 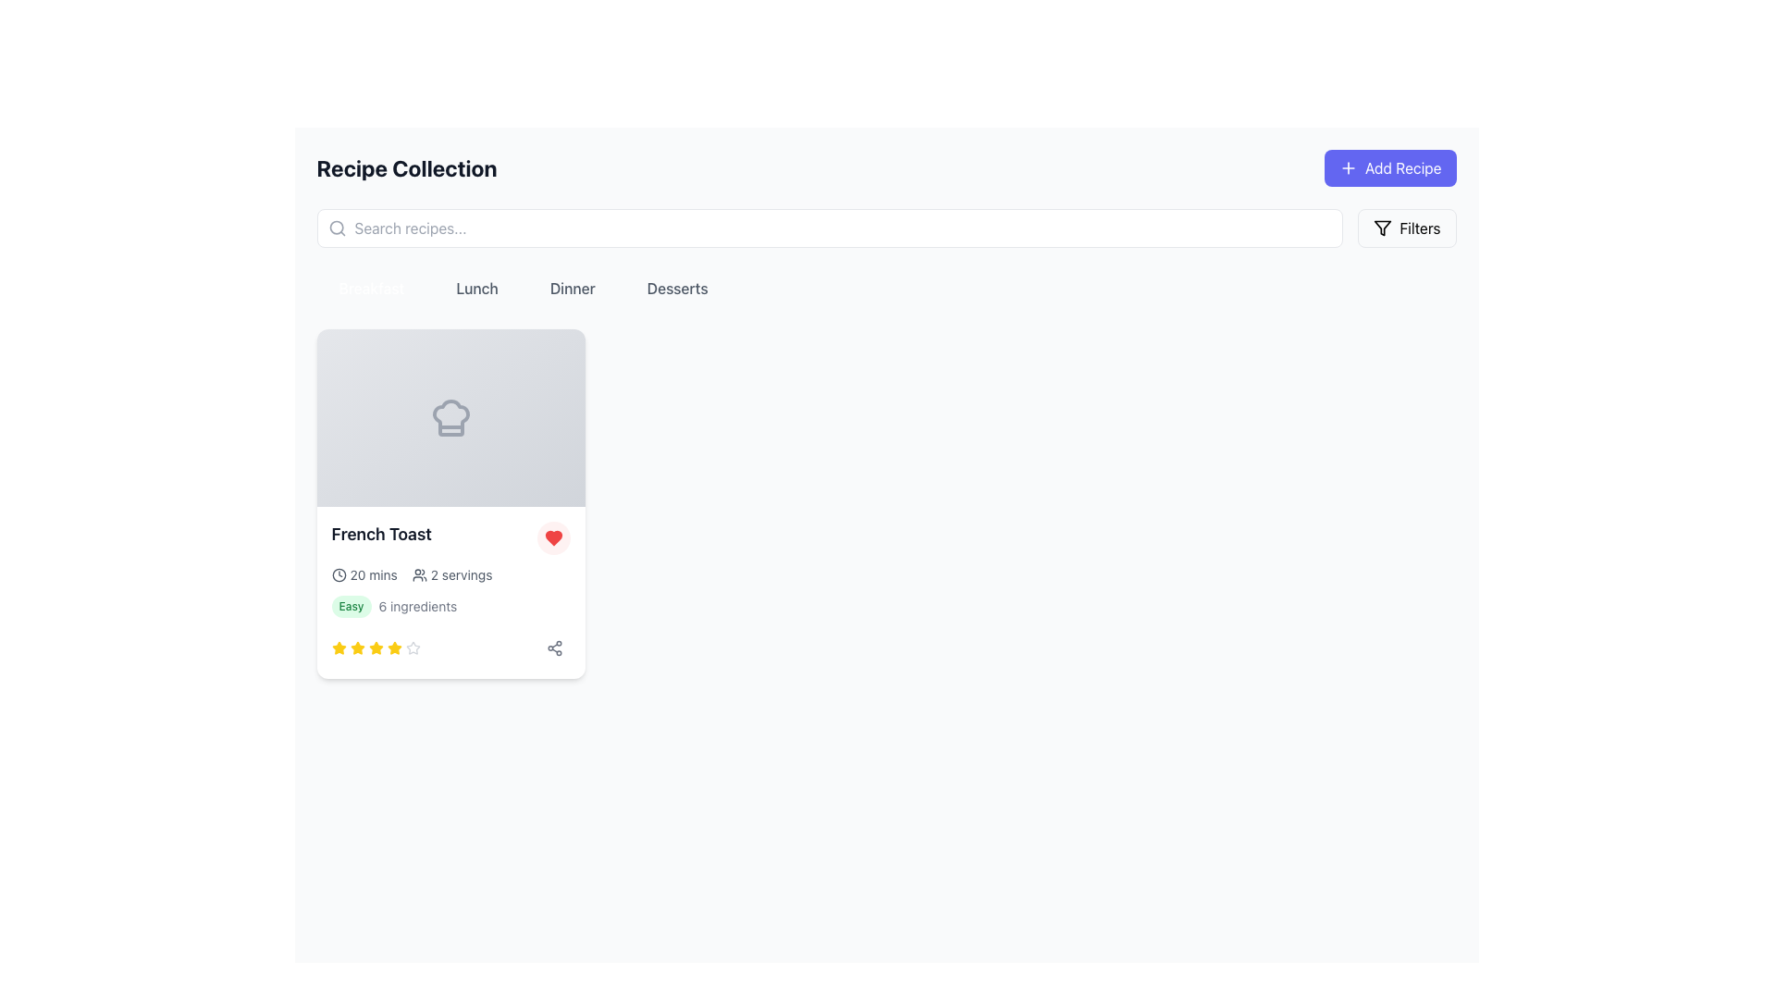 What do you see at coordinates (357, 647) in the screenshot?
I see `the third star icon in the rating system located below the 'French Toast' recipe card` at bounding box center [357, 647].